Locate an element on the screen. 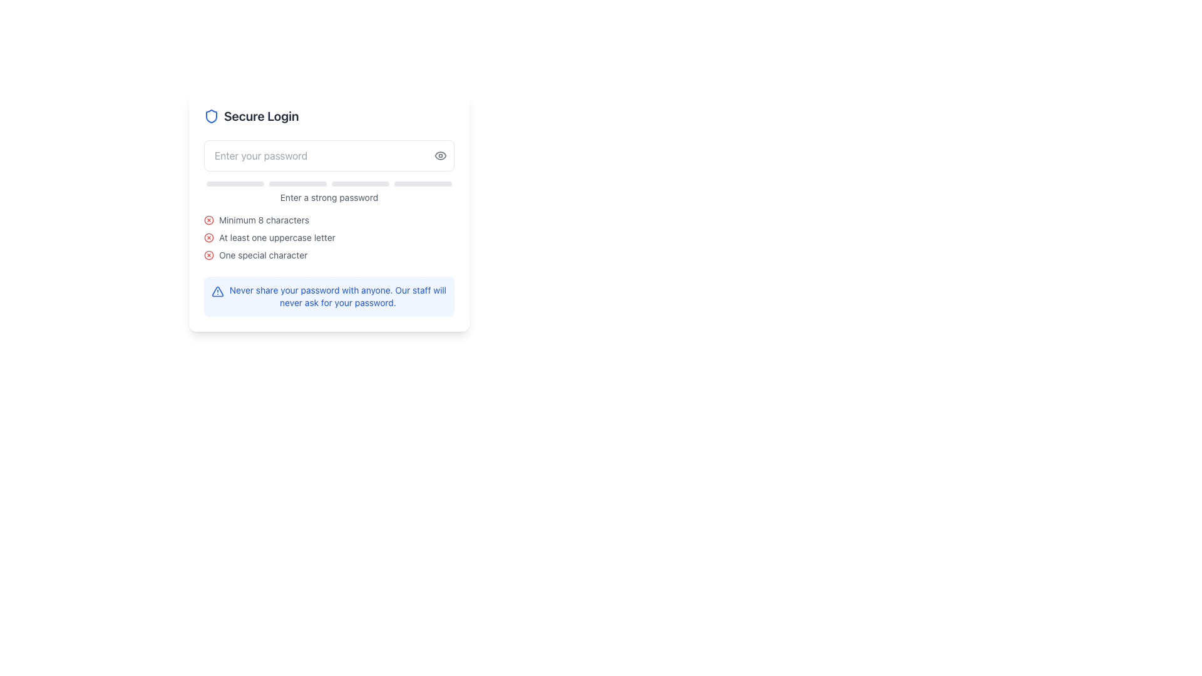 This screenshot has height=676, width=1202. the shield icon that visually indicates security, positioned to the left of the 'Secure Login' text is located at coordinates (211, 116).